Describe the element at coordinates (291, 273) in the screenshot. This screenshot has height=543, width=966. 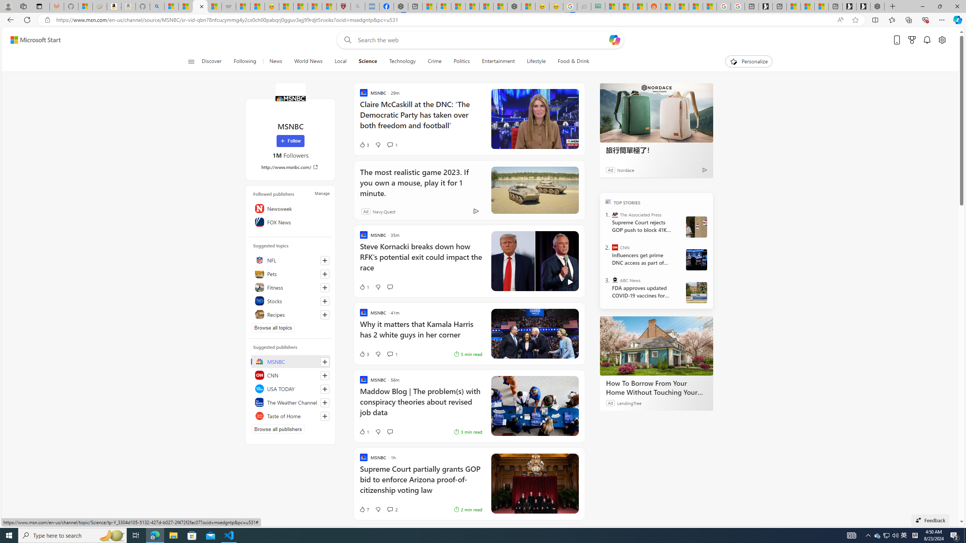
I see `'Pets'` at that location.